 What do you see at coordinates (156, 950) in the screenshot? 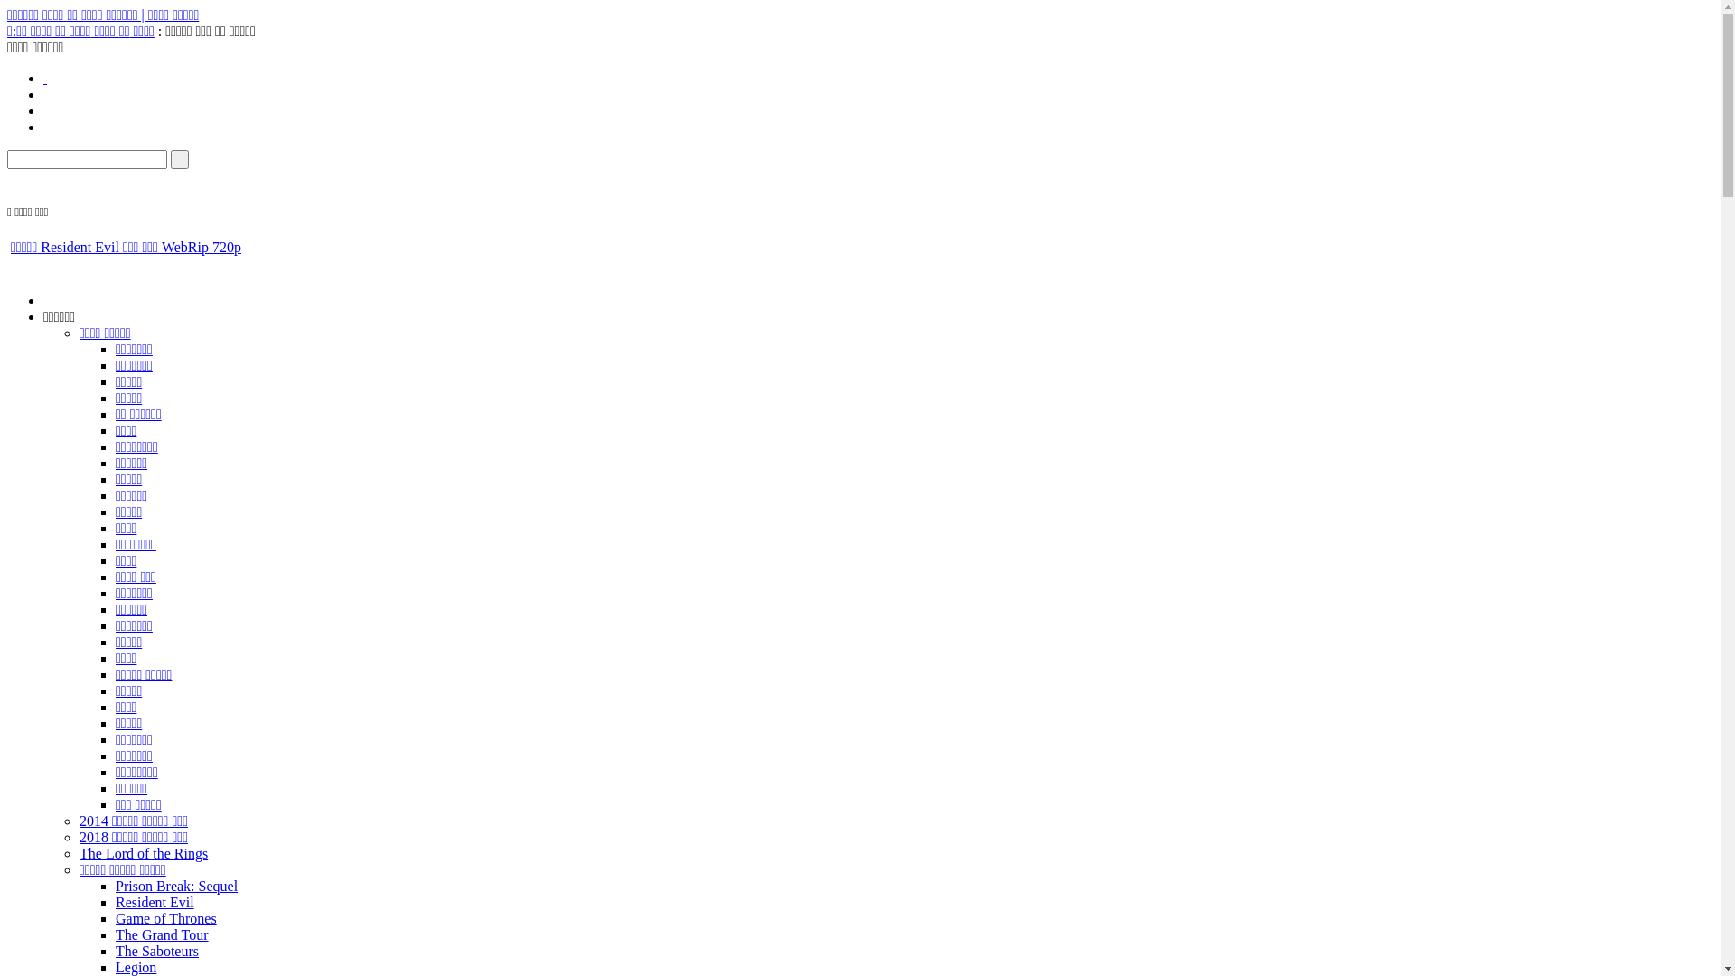
I see `'The Saboteurs'` at bounding box center [156, 950].